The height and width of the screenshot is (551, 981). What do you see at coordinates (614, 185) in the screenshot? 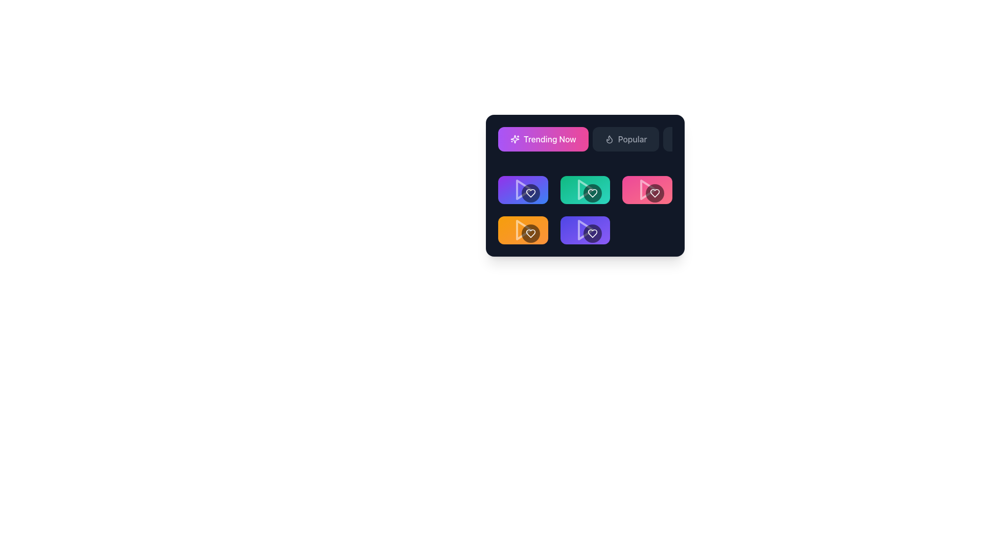
I see `the icon representing the action to add or mark as a favorite, located in the second row, third column of the button grid` at bounding box center [614, 185].